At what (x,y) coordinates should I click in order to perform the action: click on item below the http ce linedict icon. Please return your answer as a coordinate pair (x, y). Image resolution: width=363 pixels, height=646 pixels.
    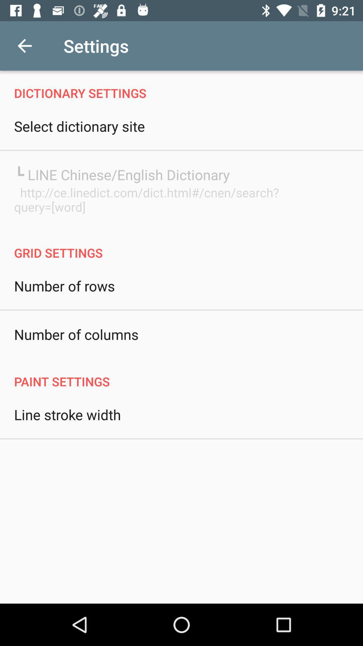
    Looking at the image, I should click on (182, 245).